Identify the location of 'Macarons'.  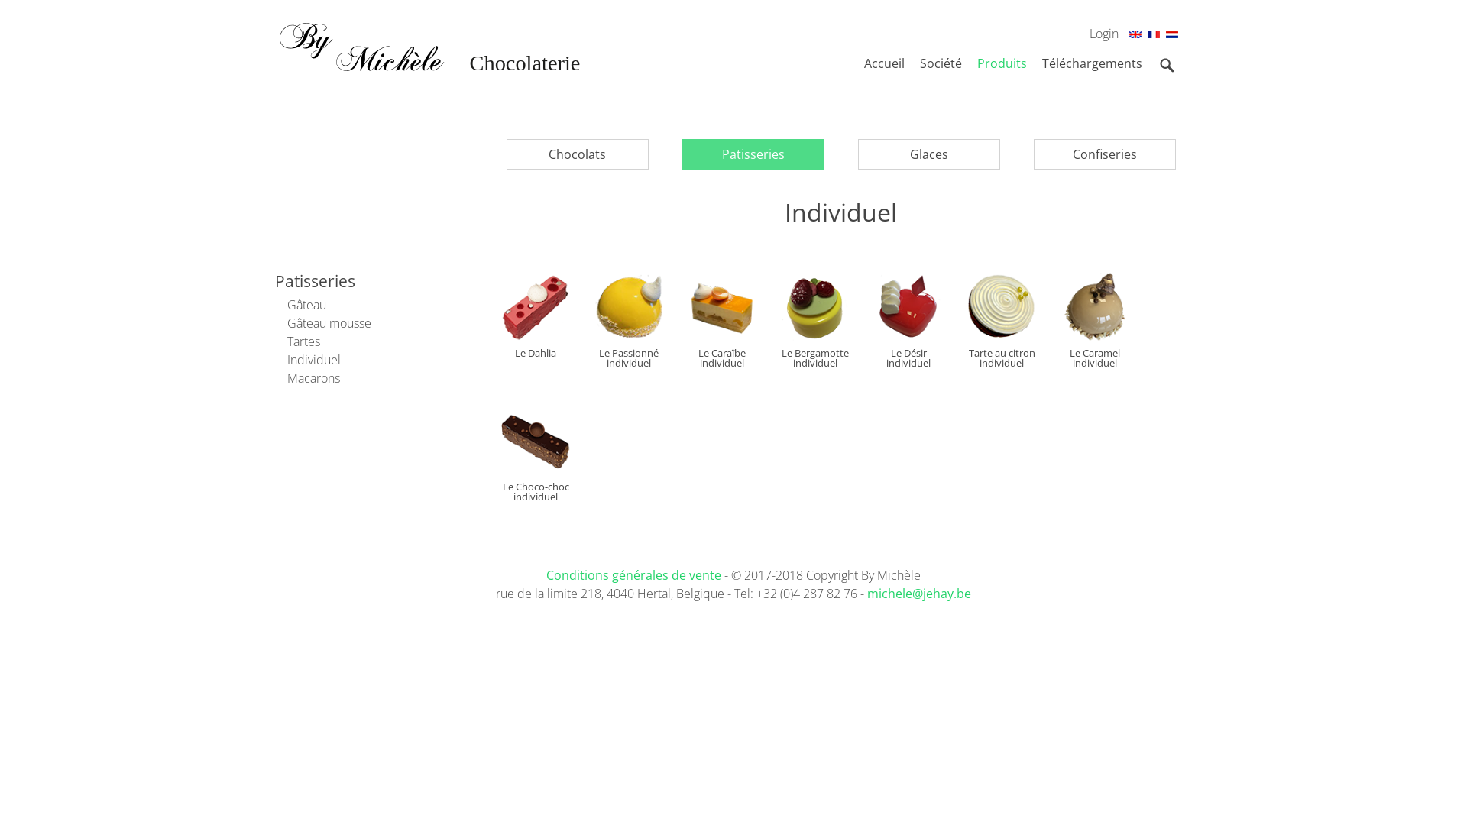
(306, 377).